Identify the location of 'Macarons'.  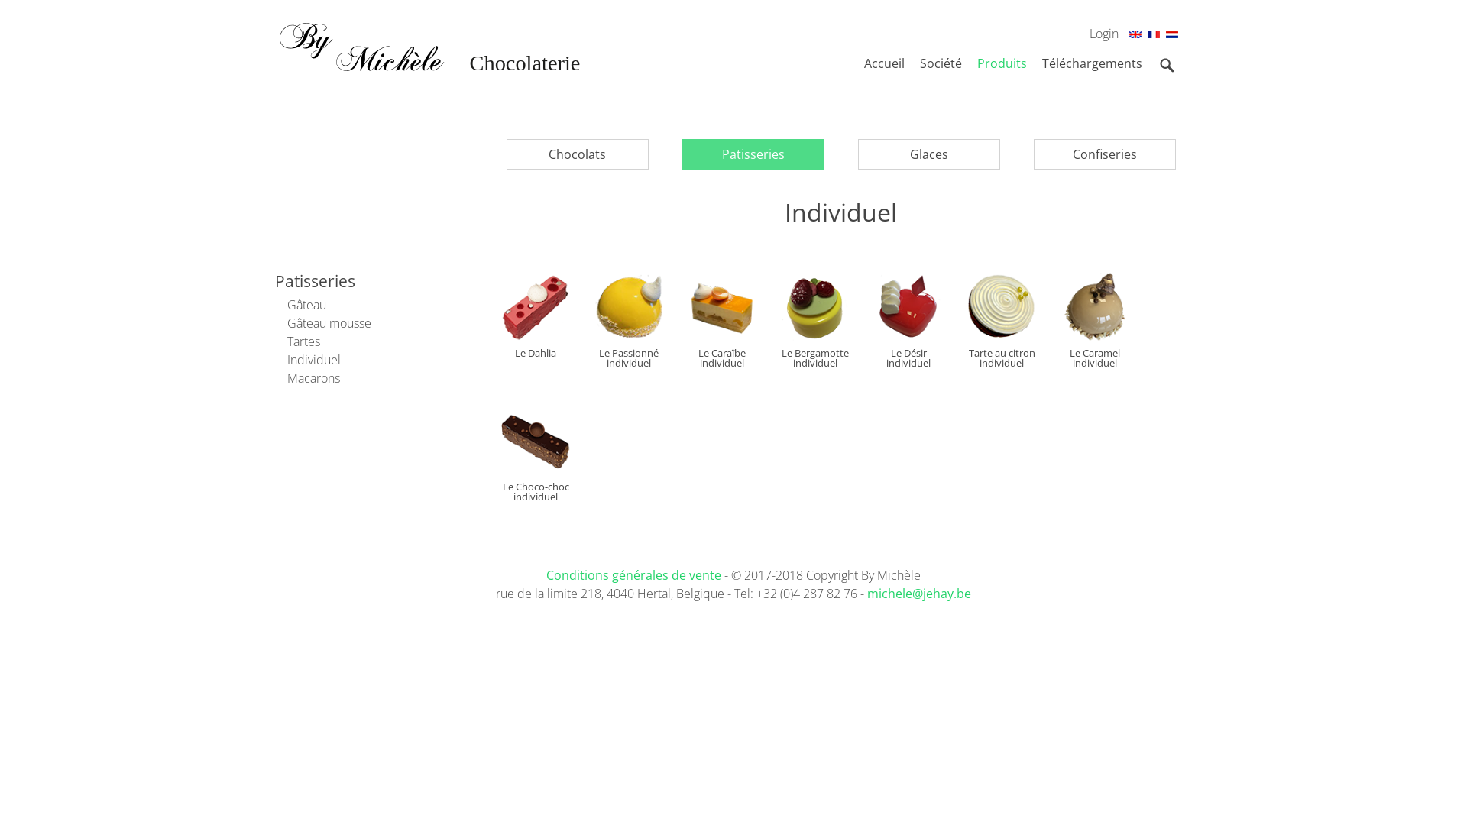
(306, 377).